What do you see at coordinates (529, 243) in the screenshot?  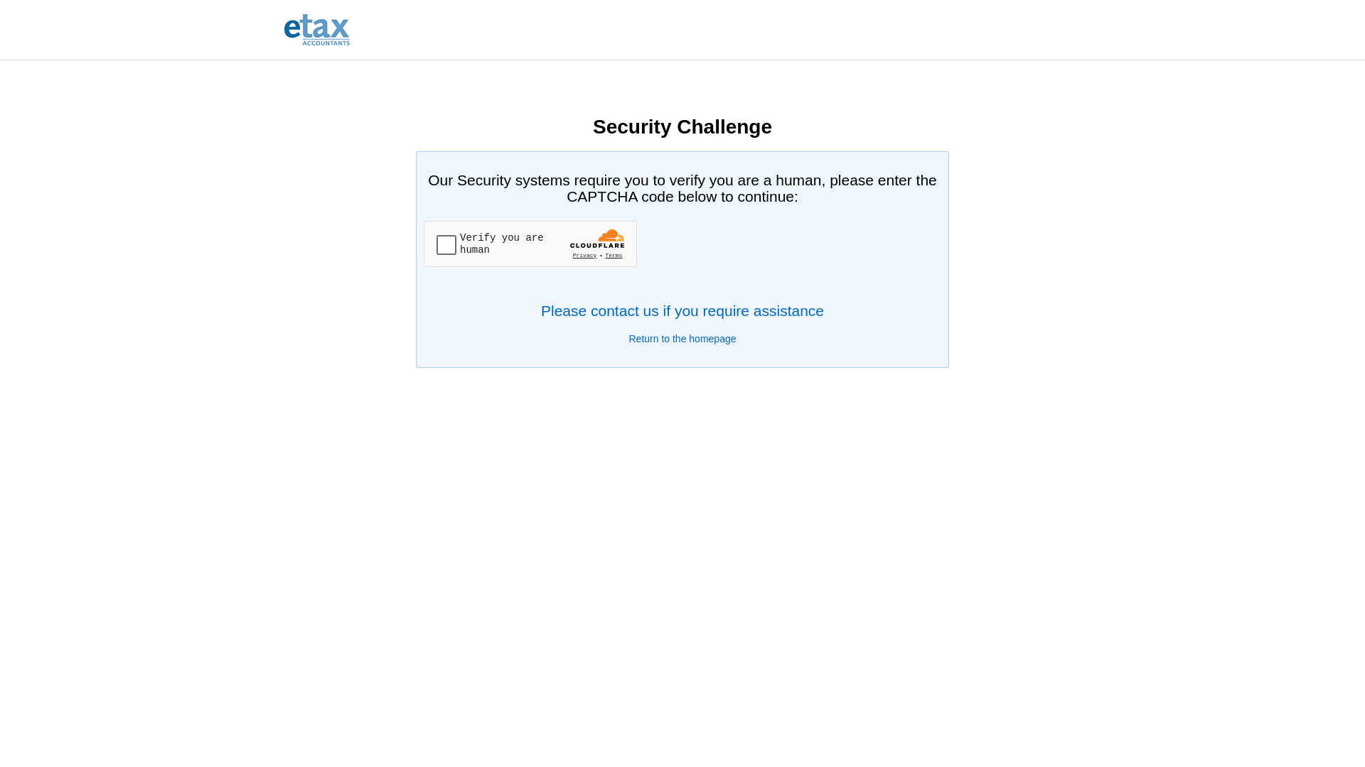 I see `'Widget containing a Cloudflare security challenge'` at bounding box center [529, 243].